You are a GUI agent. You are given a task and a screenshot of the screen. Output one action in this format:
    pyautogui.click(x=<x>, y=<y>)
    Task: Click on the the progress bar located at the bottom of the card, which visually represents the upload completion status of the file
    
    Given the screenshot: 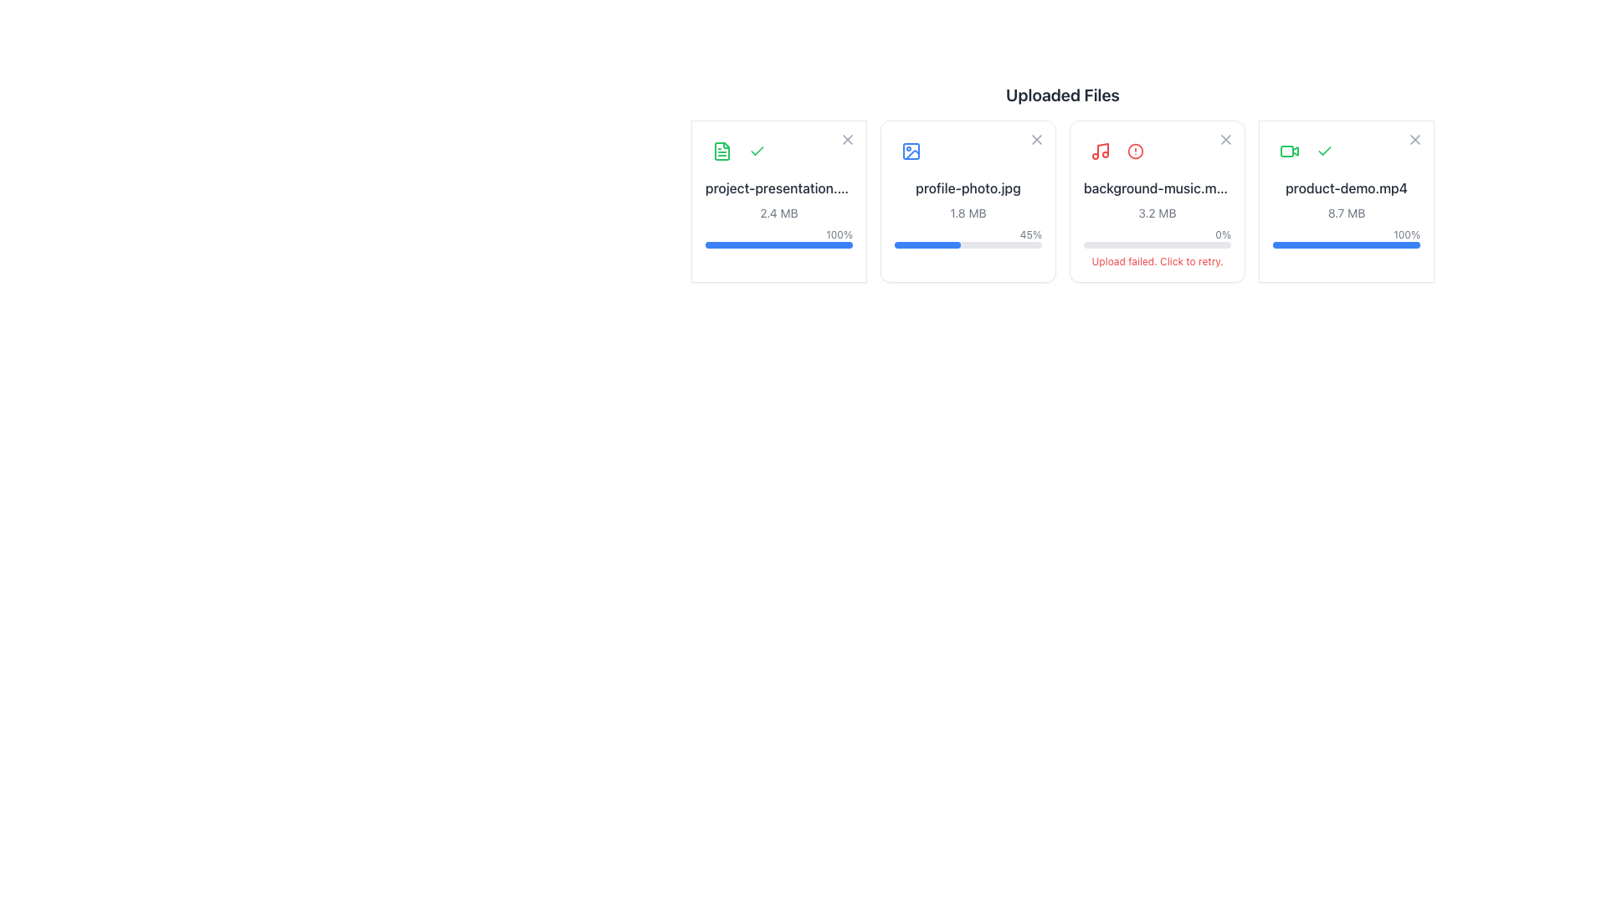 What is the action you would take?
    pyautogui.click(x=778, y=245)
    